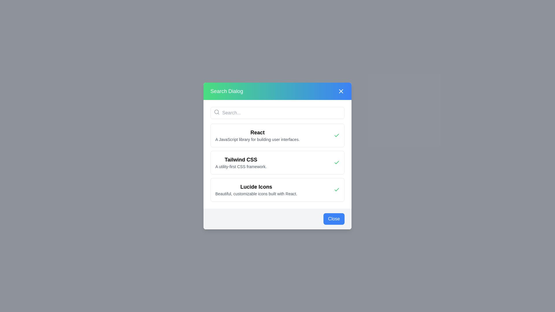 Image resolution: width=555 pixels, height=312 pixels. Describe the element at coordinates (277, 163) in the screenshot. I see `the second list item labeled 'Tailwind CSS'` at that location.